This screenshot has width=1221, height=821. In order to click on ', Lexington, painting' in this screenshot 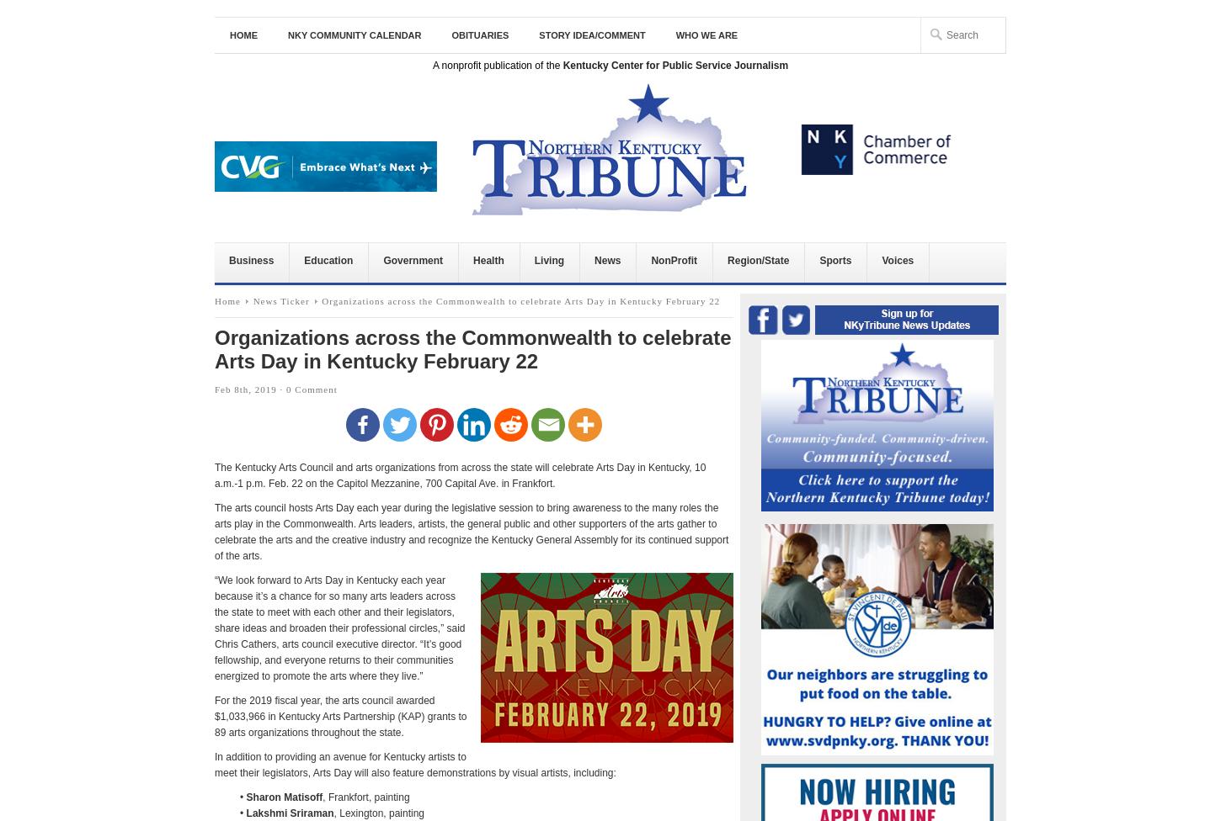, I will do `click(377, 813)`.